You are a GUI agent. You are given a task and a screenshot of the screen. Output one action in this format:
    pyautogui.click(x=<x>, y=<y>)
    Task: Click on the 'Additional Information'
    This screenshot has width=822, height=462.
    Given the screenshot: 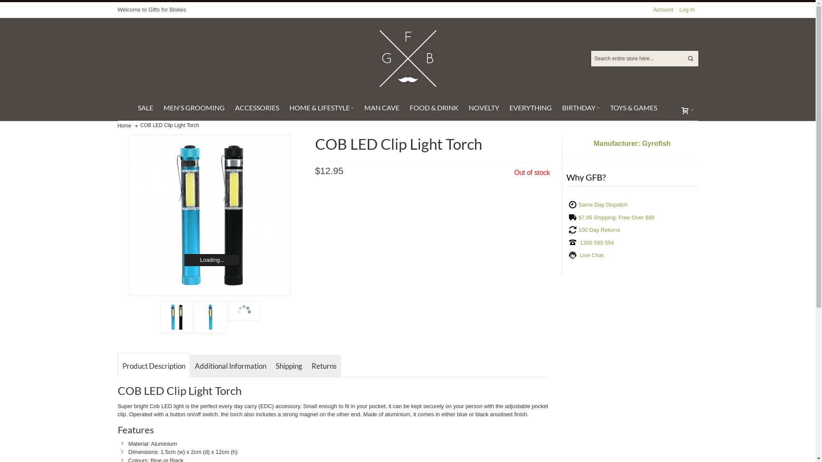 What is the action you would take?
    pyautogui.click(x=230, y=365)
    